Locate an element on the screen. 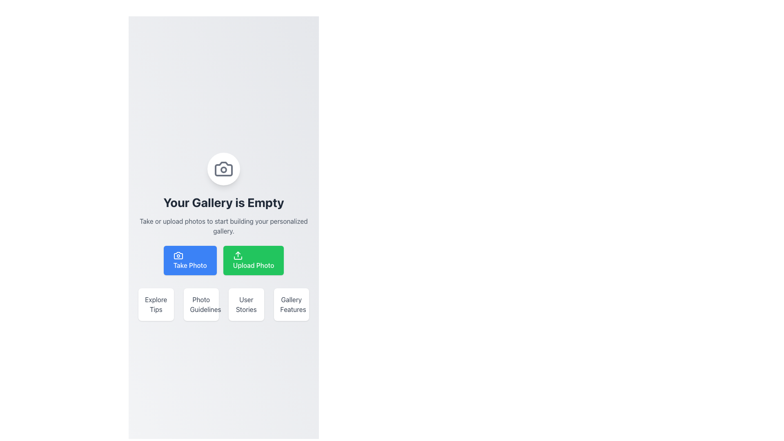  the 'Photo Guidelines' button located in the second position from the left in a horizontal row of four elements near the bottom of the interface is located at coordinates (201, 304).